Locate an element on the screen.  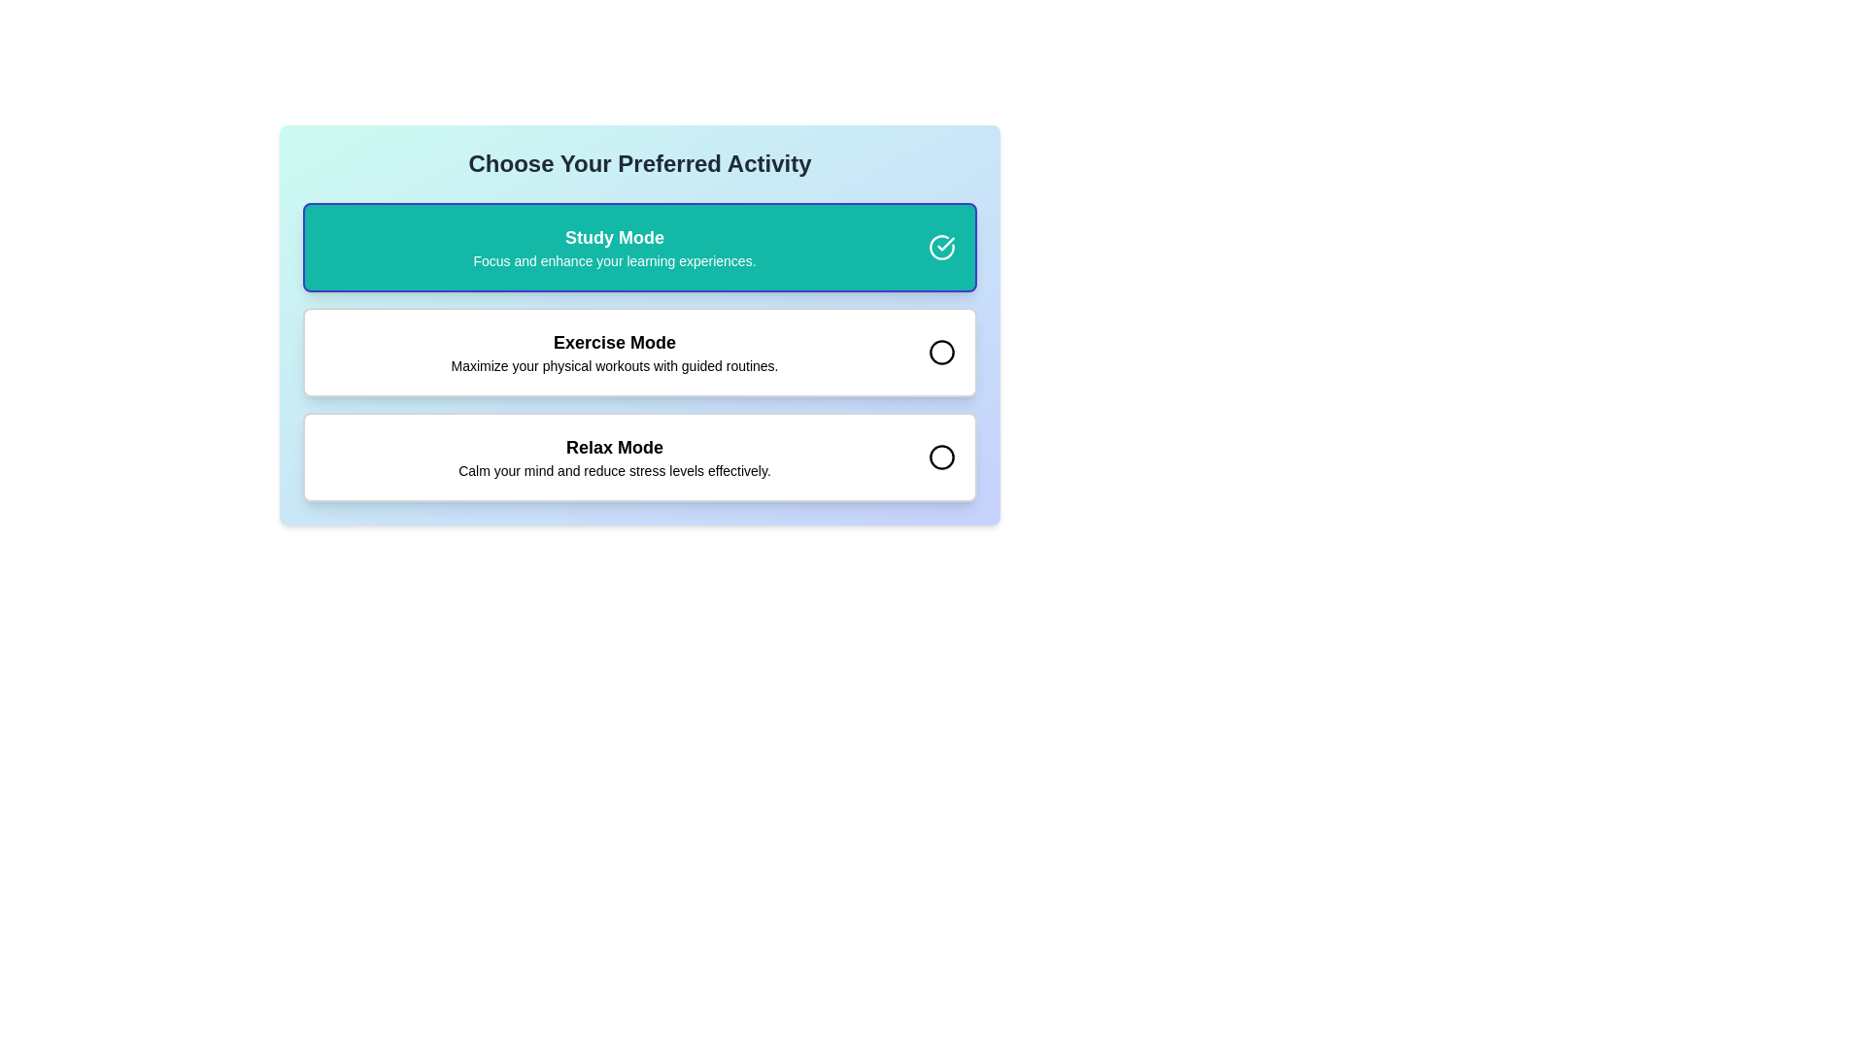
the 'Relax Mode' selectable button, which features a white background, a thin gray border, and a circular icon on the right side is located at coordinates (639, 457).